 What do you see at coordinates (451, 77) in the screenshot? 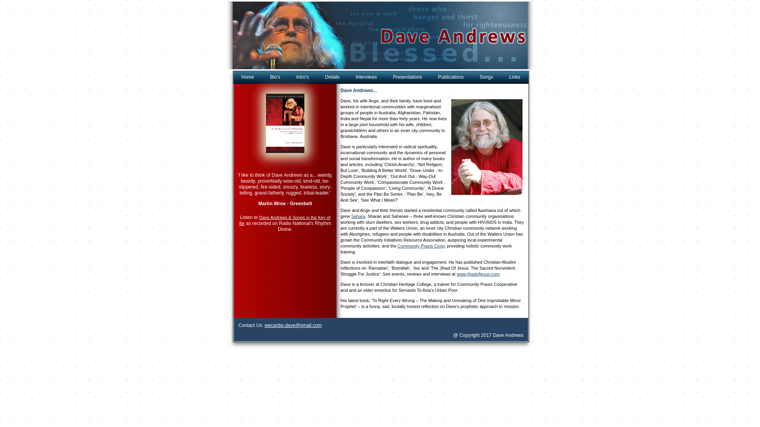
I see `'Publications'` at bounding box center [451, 77].